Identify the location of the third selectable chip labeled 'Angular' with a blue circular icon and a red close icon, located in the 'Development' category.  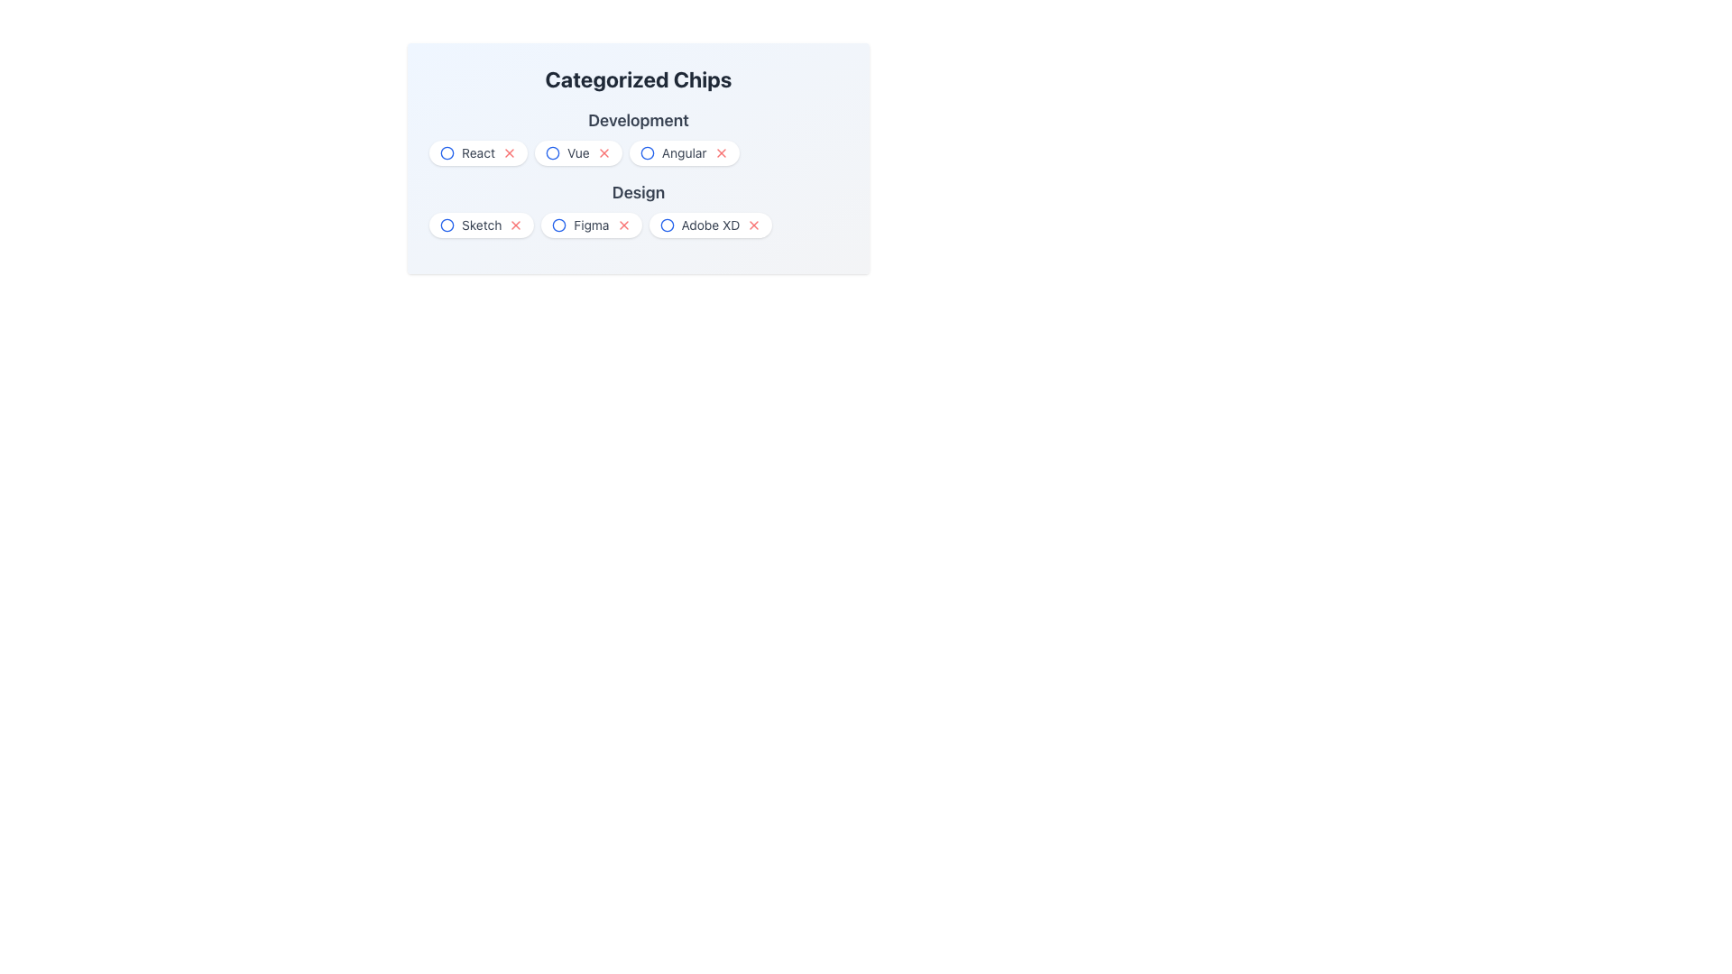
(683, 152).